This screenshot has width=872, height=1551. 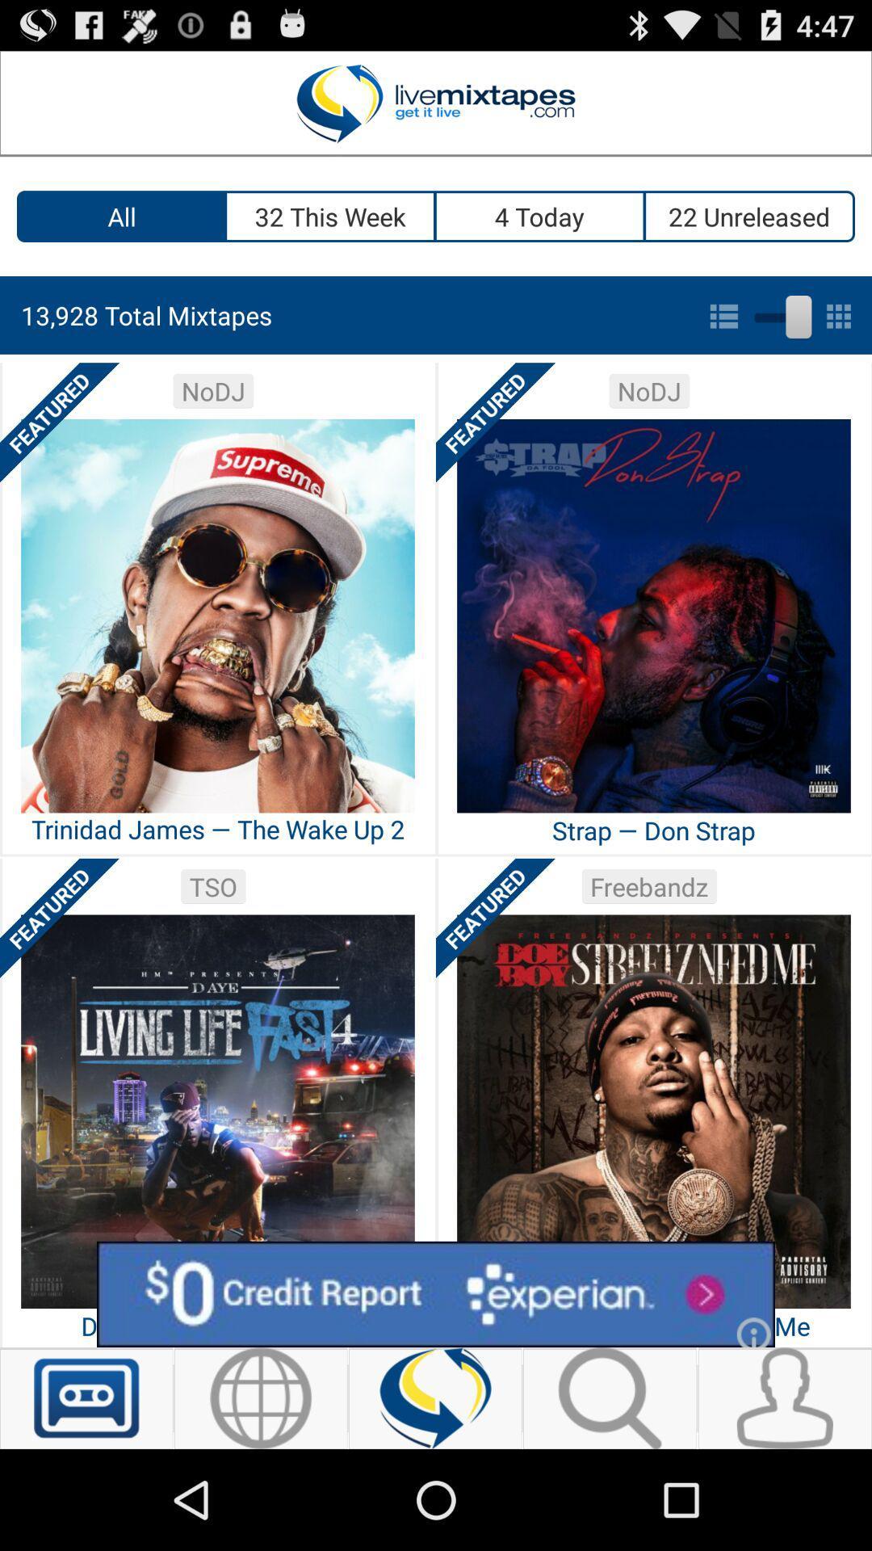 What do you see at coordinates (540, 216) in the screenshot?
I see `item next to the 32 this week` at bounding box center [540, 216].